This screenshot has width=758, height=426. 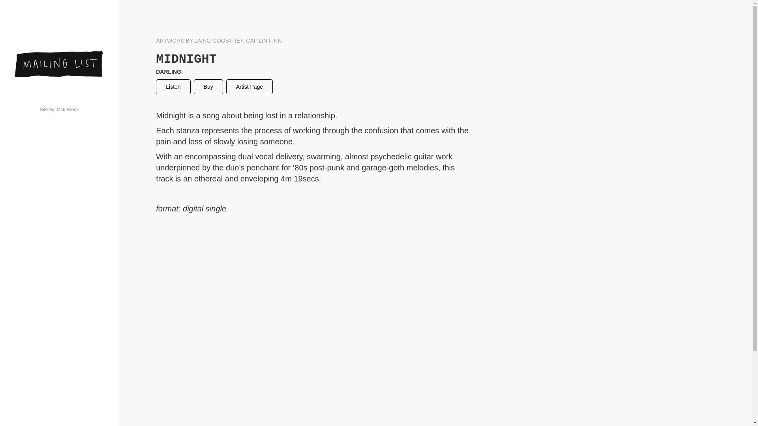 What do you see at coordinates (208, 86) in the screenshot?
I see `'Buy'` at bounding box center [208, 86].